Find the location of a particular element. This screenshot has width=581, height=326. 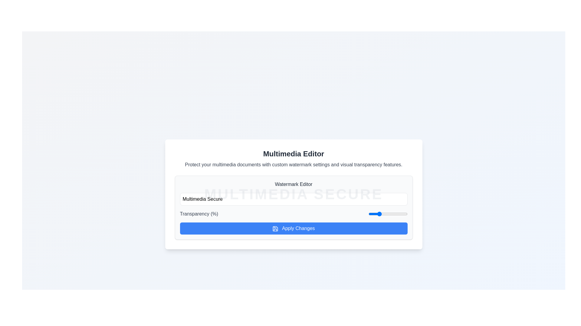

transparency is located at coordinates (371, 214).